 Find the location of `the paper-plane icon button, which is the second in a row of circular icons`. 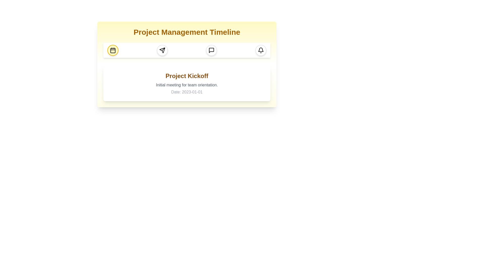

the paper-plane icon button, which is the second in a row of circular icons is located at coordinates (162, 50).